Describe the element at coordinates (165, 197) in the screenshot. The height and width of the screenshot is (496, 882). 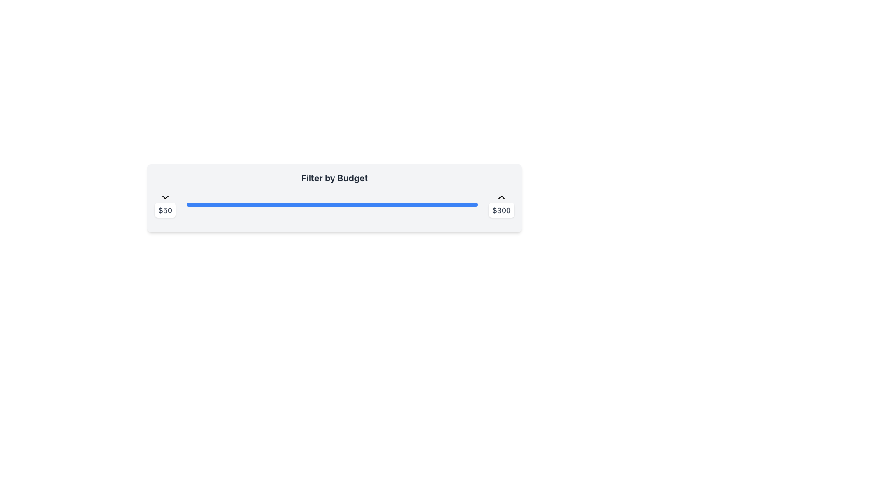
I see `the chevron button located above the '$50' label in the 'Filter by Budget' section` at that location.